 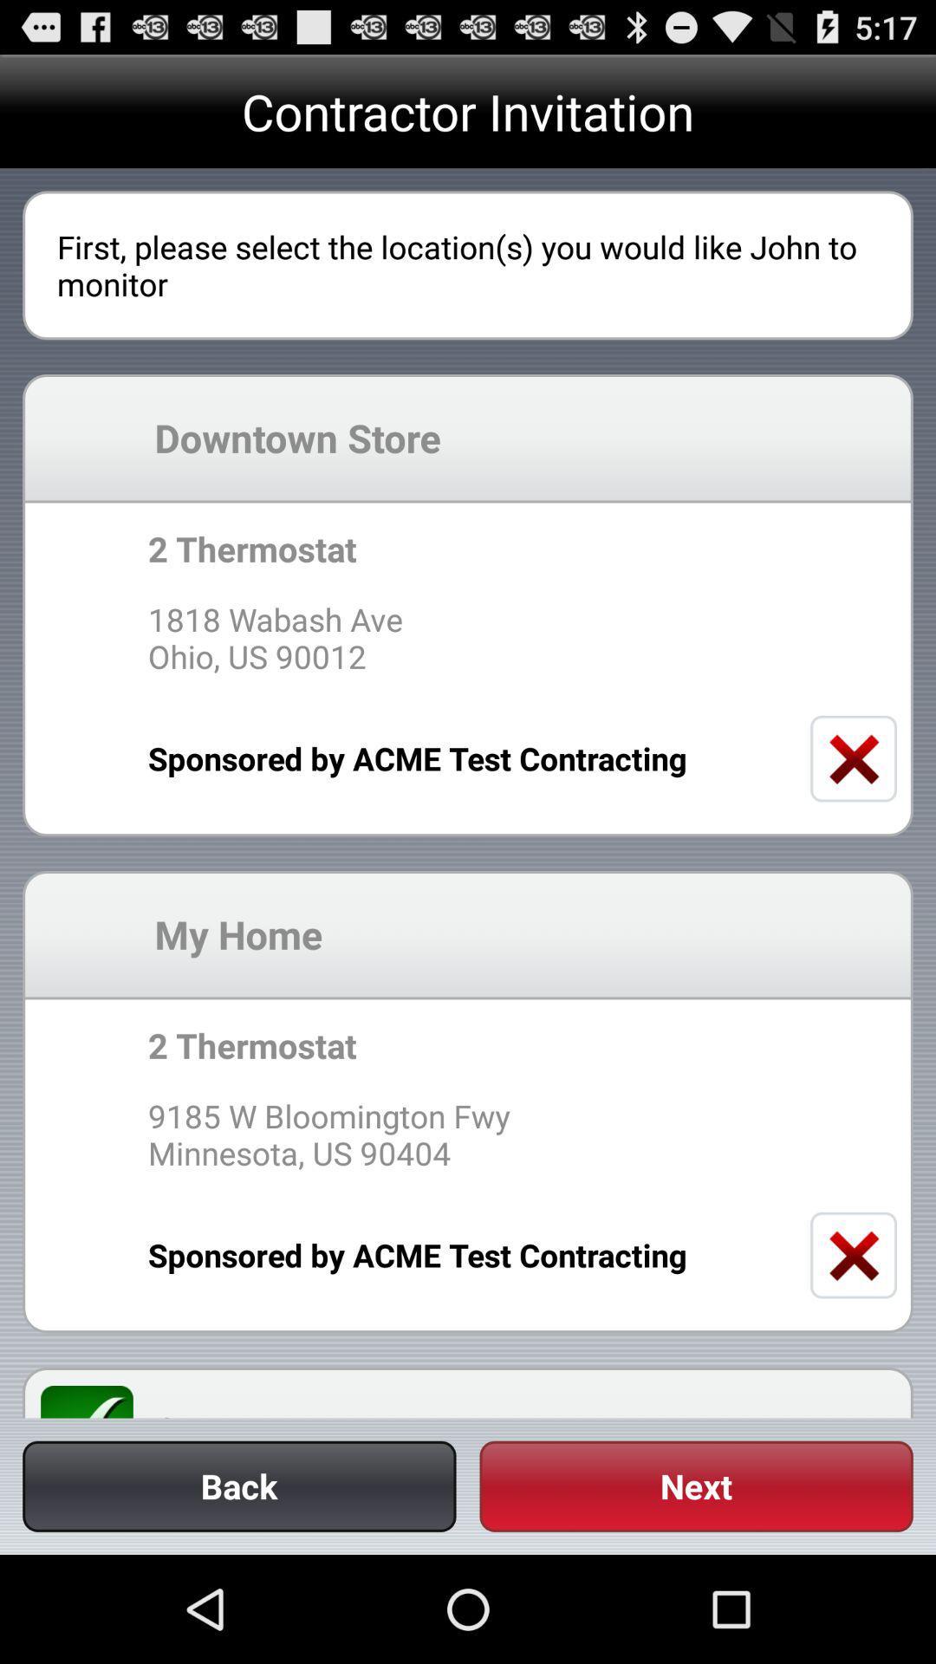 What do you see at coordinates (468, 264) in the screenshot?
I see `the first please select` at bounding box center [468, 264].